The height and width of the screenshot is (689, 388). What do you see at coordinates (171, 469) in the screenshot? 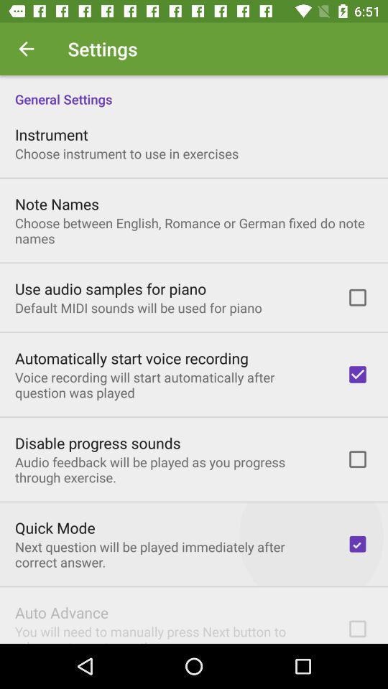
I see `the icon below the disable progress sounds icon` at bounding box center [171, 469].